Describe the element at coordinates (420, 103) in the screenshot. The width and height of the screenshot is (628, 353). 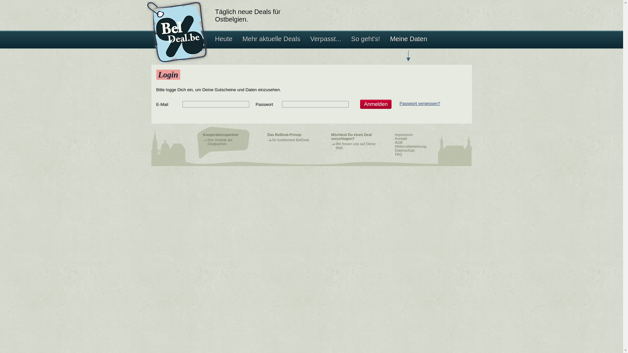
I see `'Passwort vergessen?'` at that location.